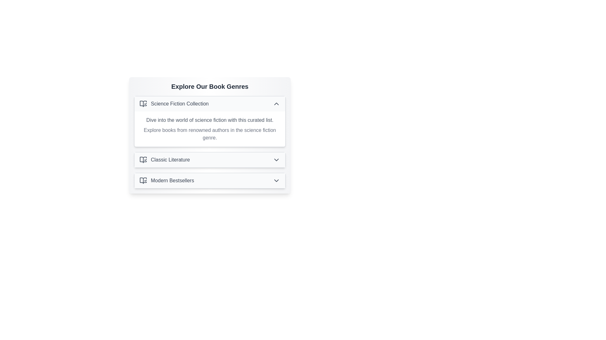 The height and width of the screenshot is (340, 606). Describe the element at coordinates (143, 181) in the screenshot. I see `the book icon with a checkmark located in the 'Modern Bestsellers' section under 'Explore Our Book Genres'` at that location.